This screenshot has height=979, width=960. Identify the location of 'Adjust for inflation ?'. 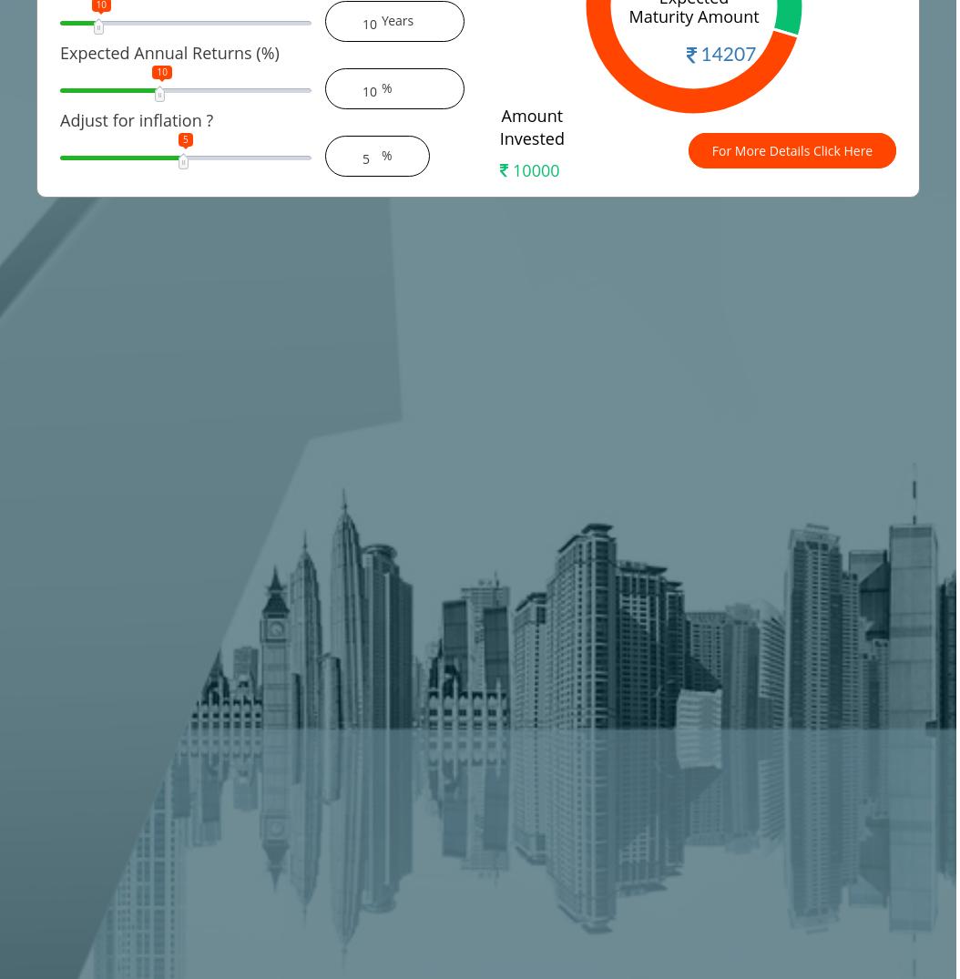
(136, 119).